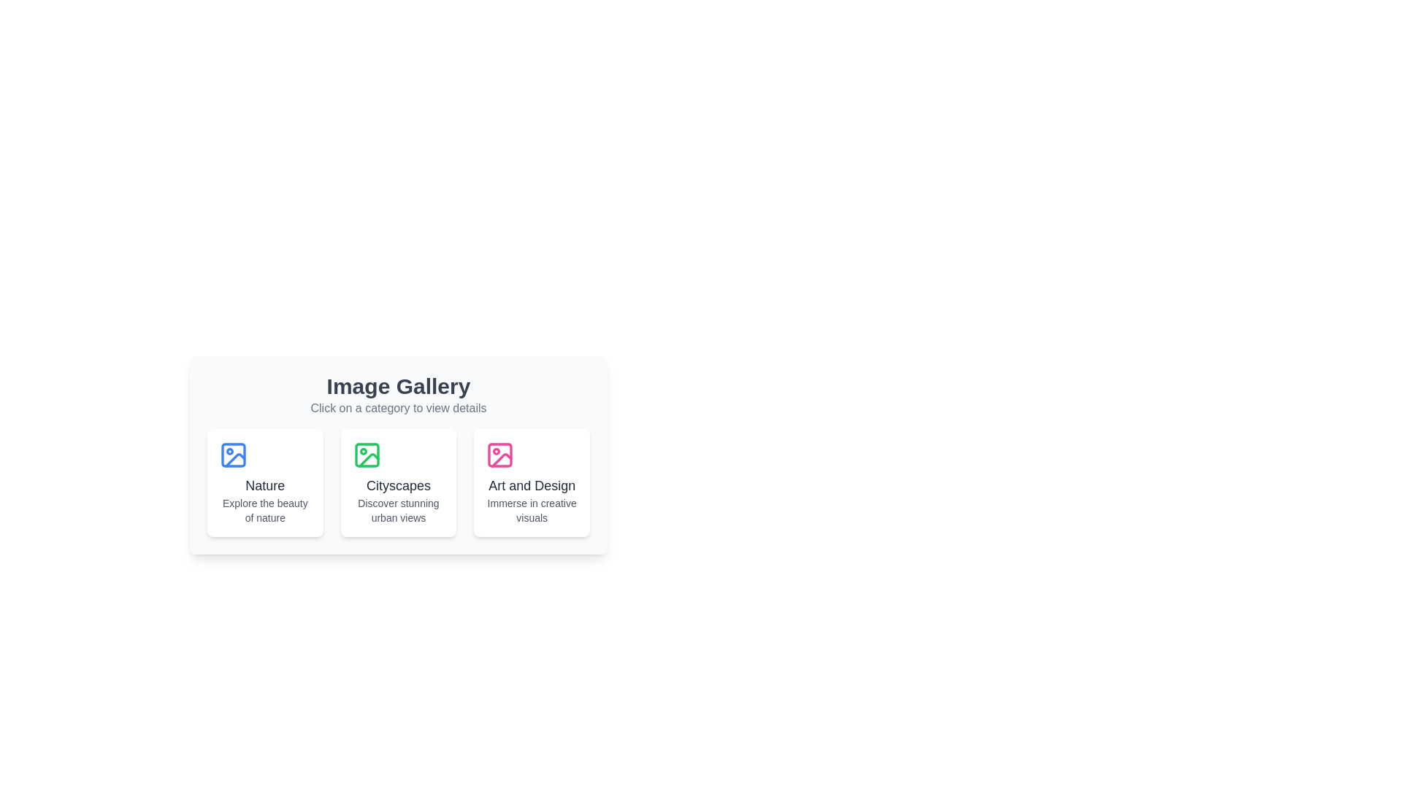 Image resolution: width=1402 pixels, height=788 pixels. Describe the element at coordinates (399, 483) in the screenshot. I see `the Interactive card representing the category 'Cityscapes' in the grid` at that location.